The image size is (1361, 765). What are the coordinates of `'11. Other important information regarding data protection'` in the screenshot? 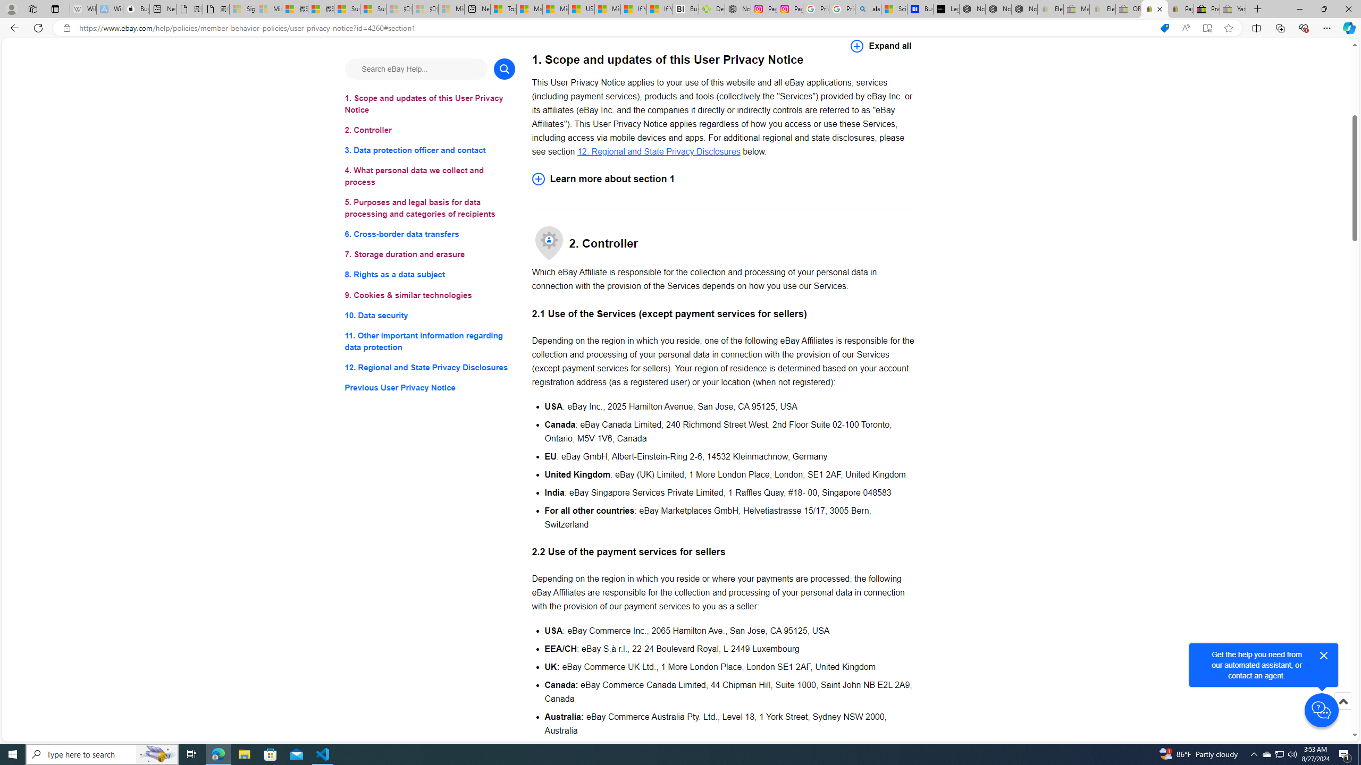 It's located at (429, 341).